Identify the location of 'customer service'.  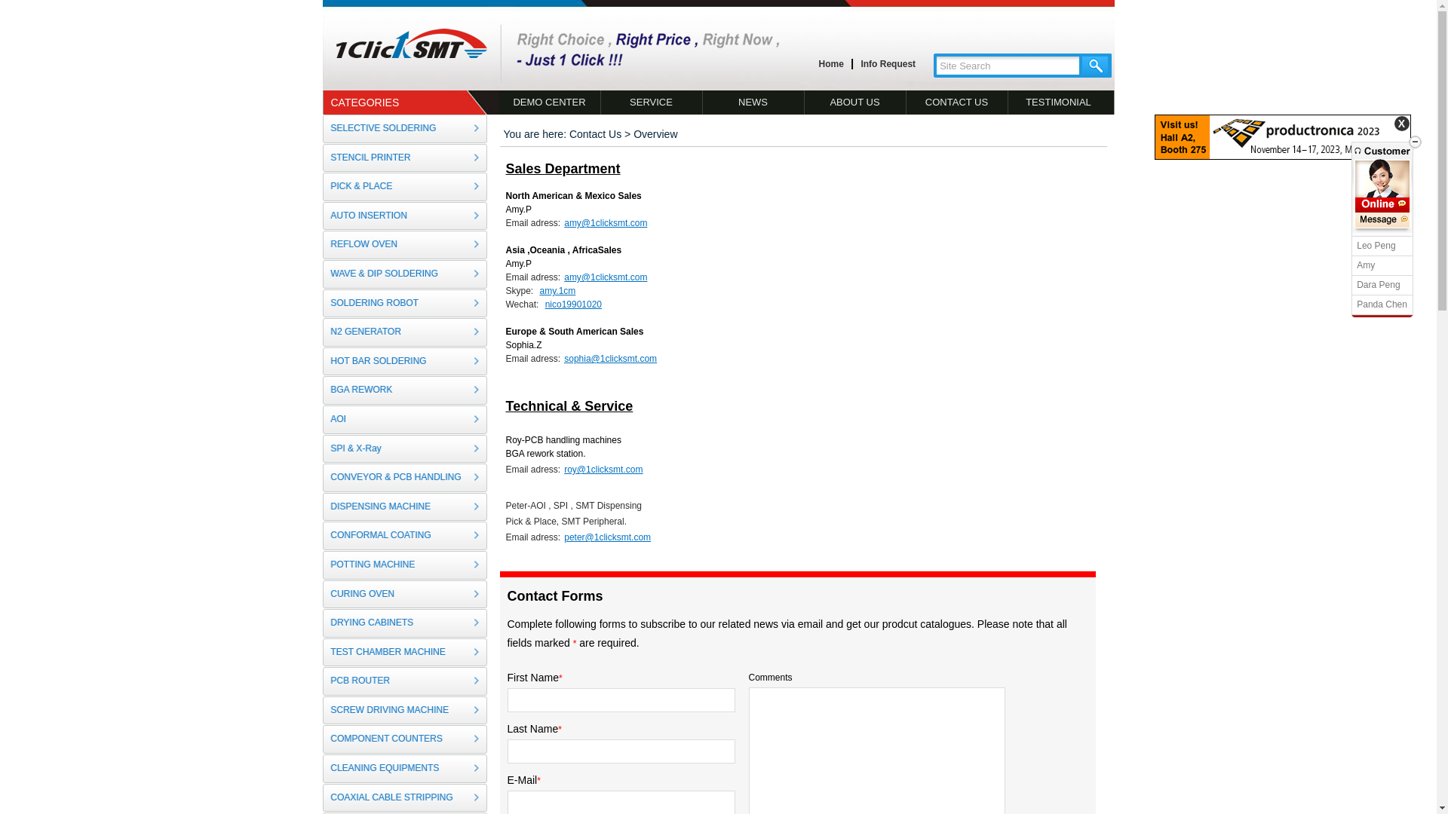
(1382, 205).